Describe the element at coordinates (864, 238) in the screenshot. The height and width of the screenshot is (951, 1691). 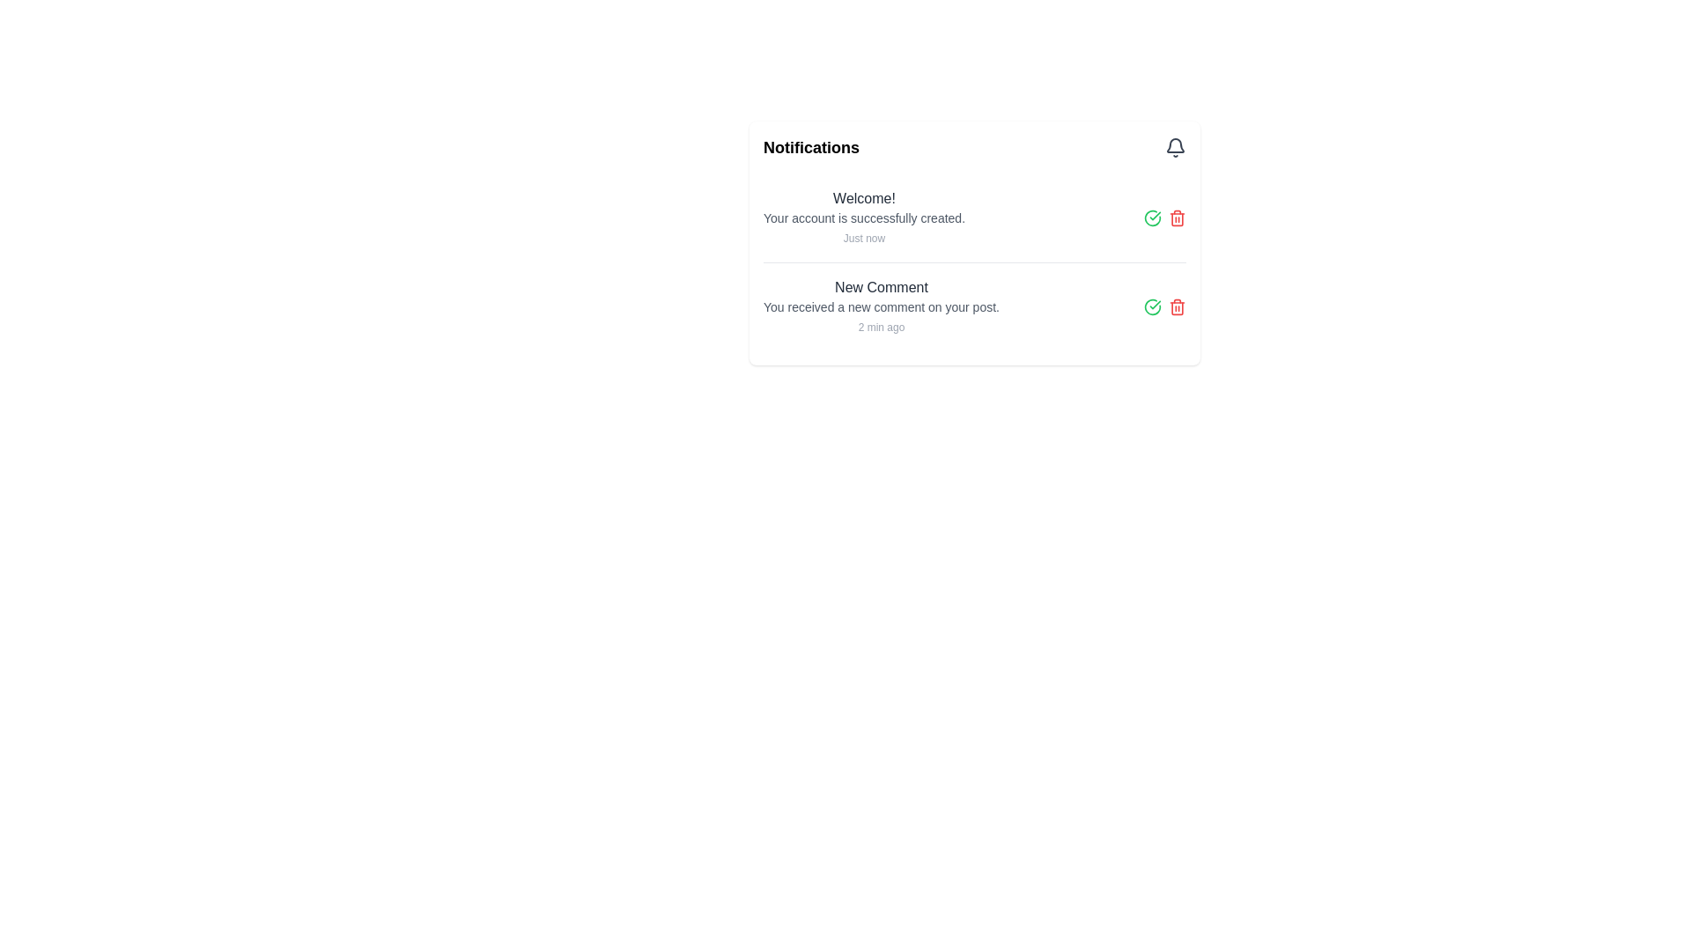
I see `time information displayed in the small text label 'Just now' located in the notification panel beneath the text 'Your account is successfully created.'` at that location.